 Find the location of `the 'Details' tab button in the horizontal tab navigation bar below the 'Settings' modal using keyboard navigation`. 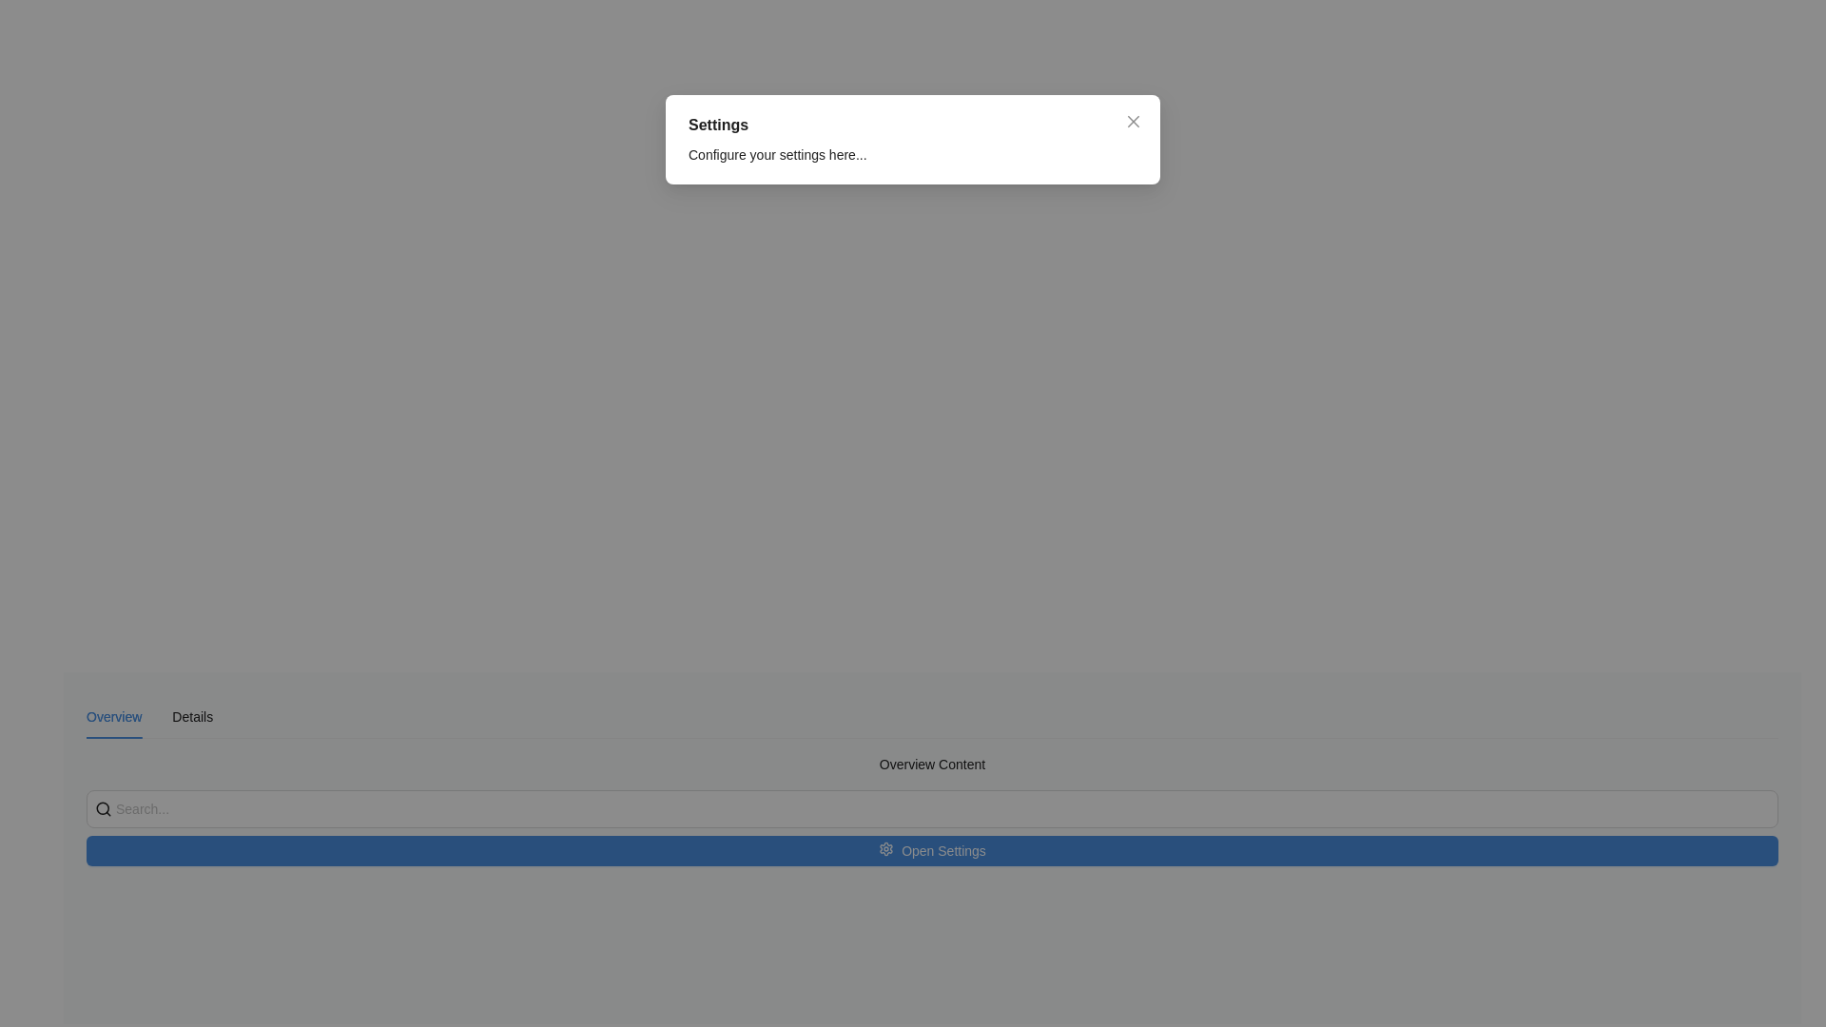

the 'Details' tab button in the horizontal tab navigation bar below the 'Settings' modal using keyboard navigation is located at coordinates (192, 716).